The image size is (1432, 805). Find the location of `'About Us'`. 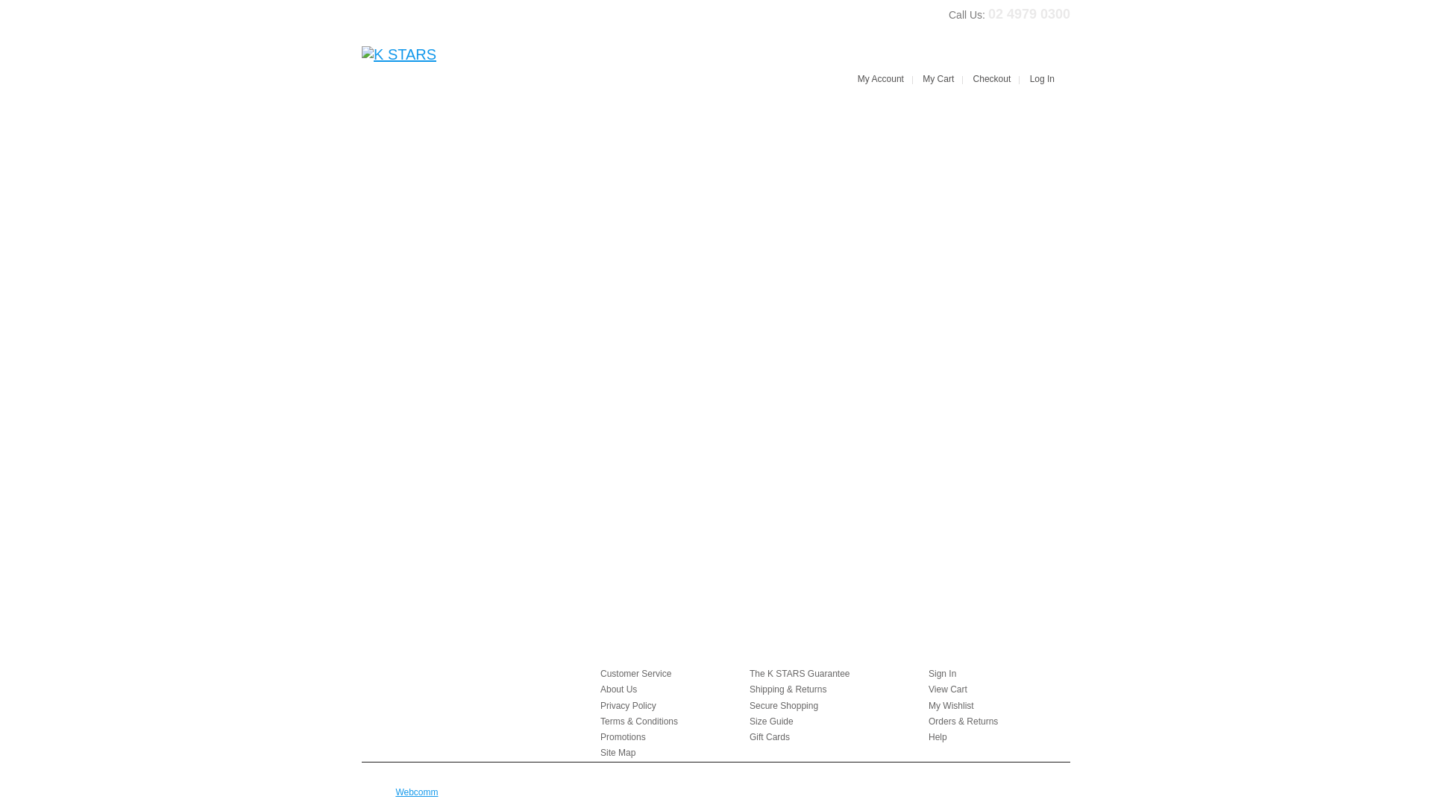

'About Us' is located at coordinates (618, 689).